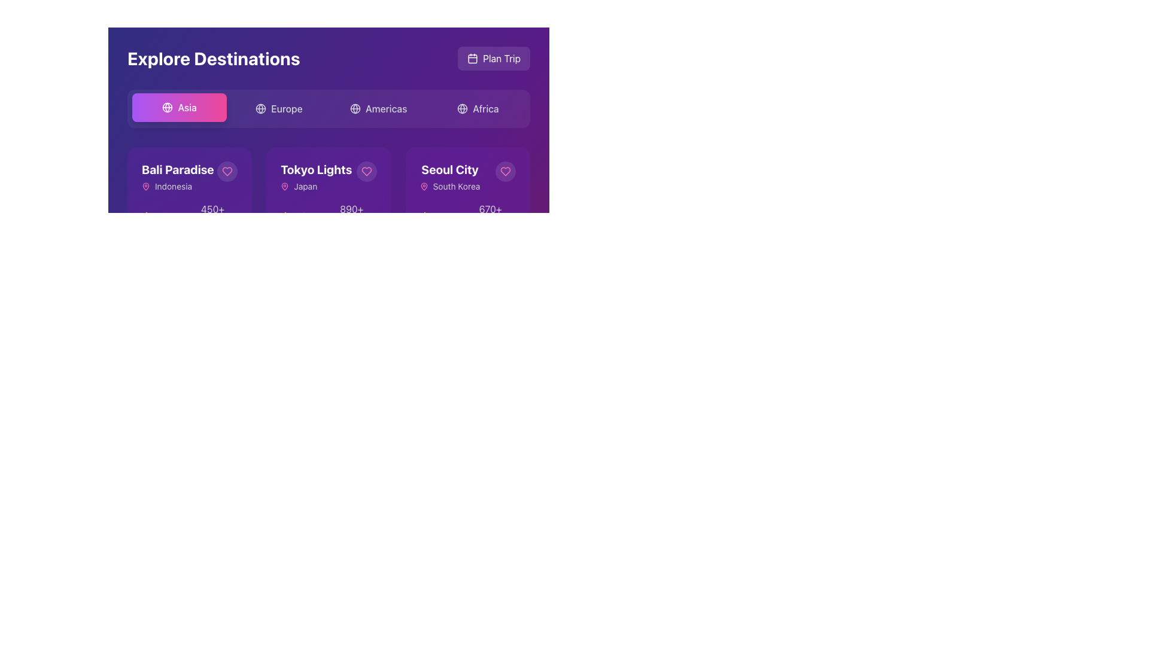  I want to click on the circular globe icon that represents the 'Africa' option, so click(461, 108).